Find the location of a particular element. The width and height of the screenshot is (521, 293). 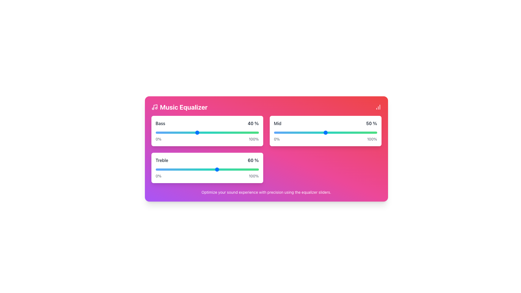

the informative text labels '0%' and '100%' located below the 'Treble' slider is located at coordinates (207, 176).